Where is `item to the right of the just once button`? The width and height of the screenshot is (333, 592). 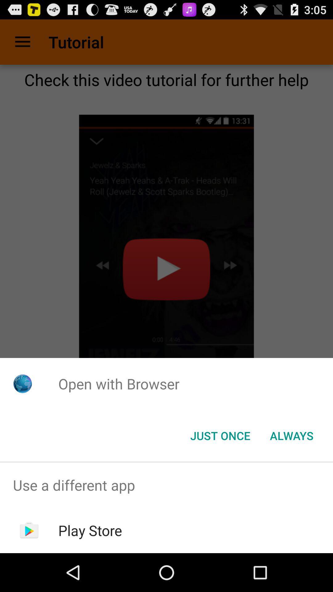
item to the right of the just once button is located at coordinates (291, 435).